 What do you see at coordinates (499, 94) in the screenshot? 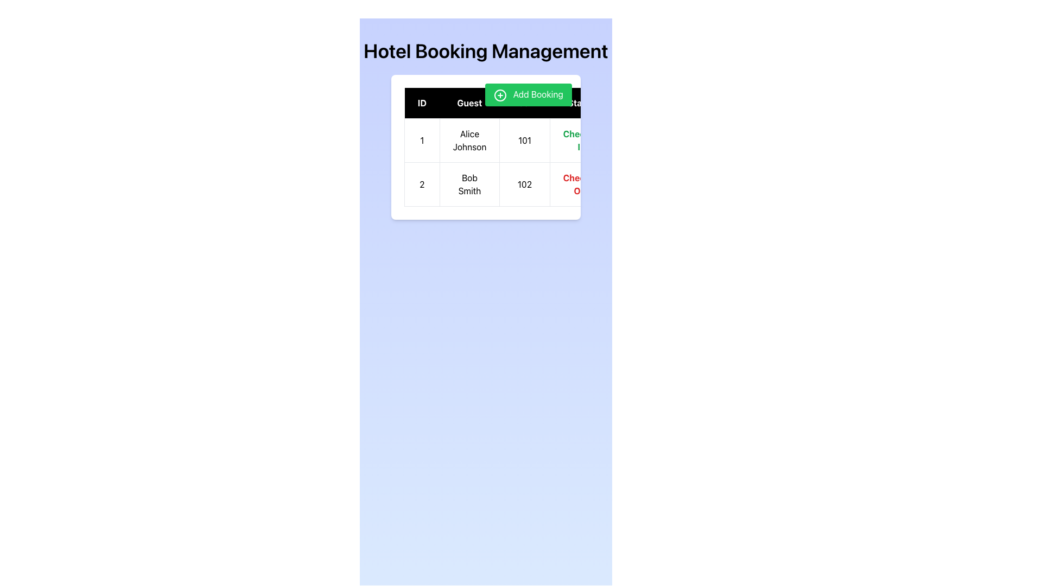
I see `the icon within the 'Add Booking' button, which visually indicates the functionality of adding a new booking, located to the far right of the application interface, above the table of bookings` at bounding box center [499, 94].